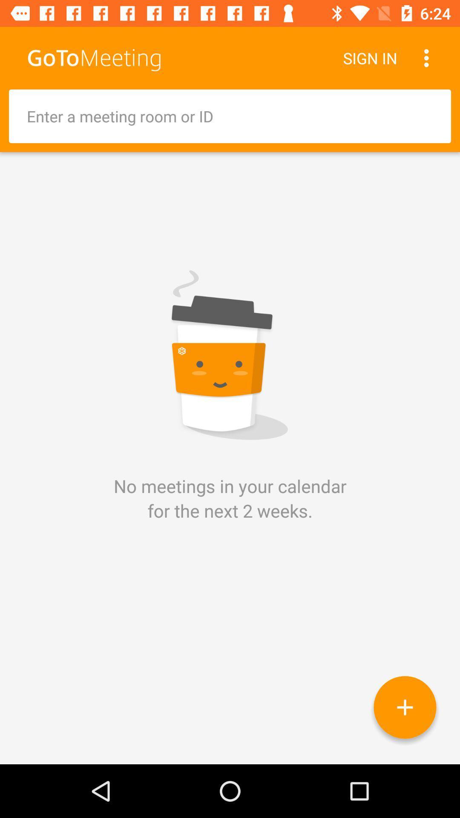 The height and width of the screenshot is (818, 460). What do you see at coordinates (230, 116) in the screenshot?
I see `id or meeting room entry` at bounding box center [230, 116].